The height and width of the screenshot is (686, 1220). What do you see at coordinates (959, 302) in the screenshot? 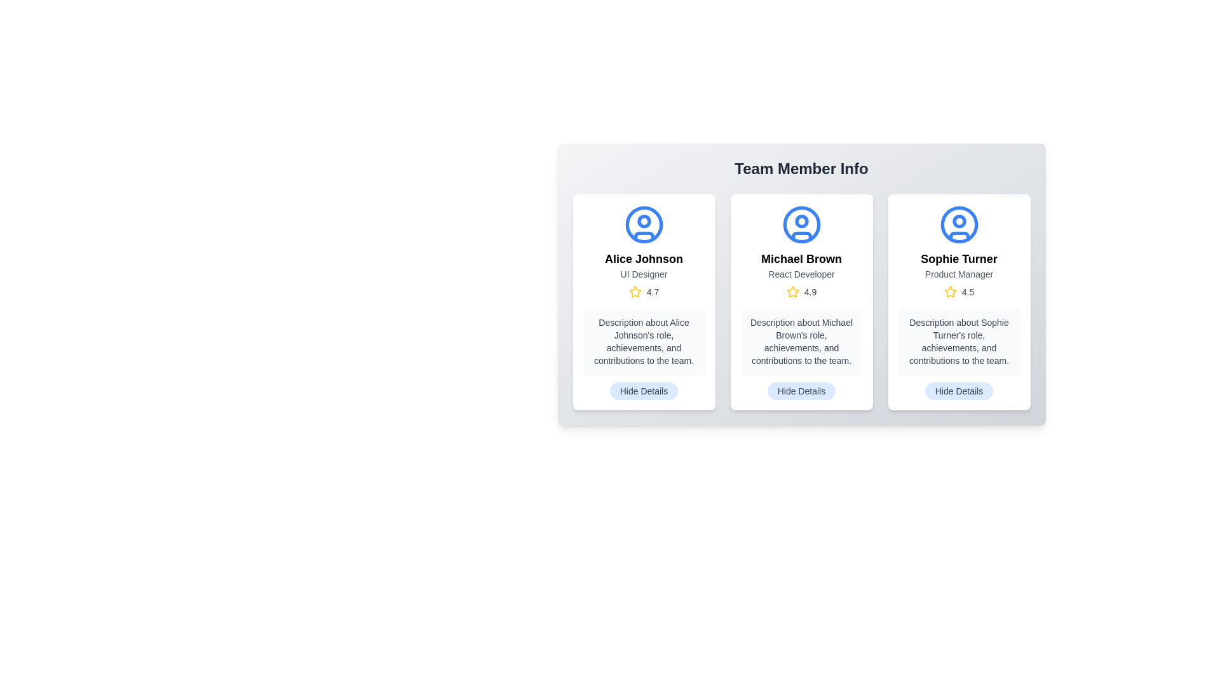
I see `the profile card for Sophie Turner, the third card in the horizontal grid layout` at bounding box center [959, 302].